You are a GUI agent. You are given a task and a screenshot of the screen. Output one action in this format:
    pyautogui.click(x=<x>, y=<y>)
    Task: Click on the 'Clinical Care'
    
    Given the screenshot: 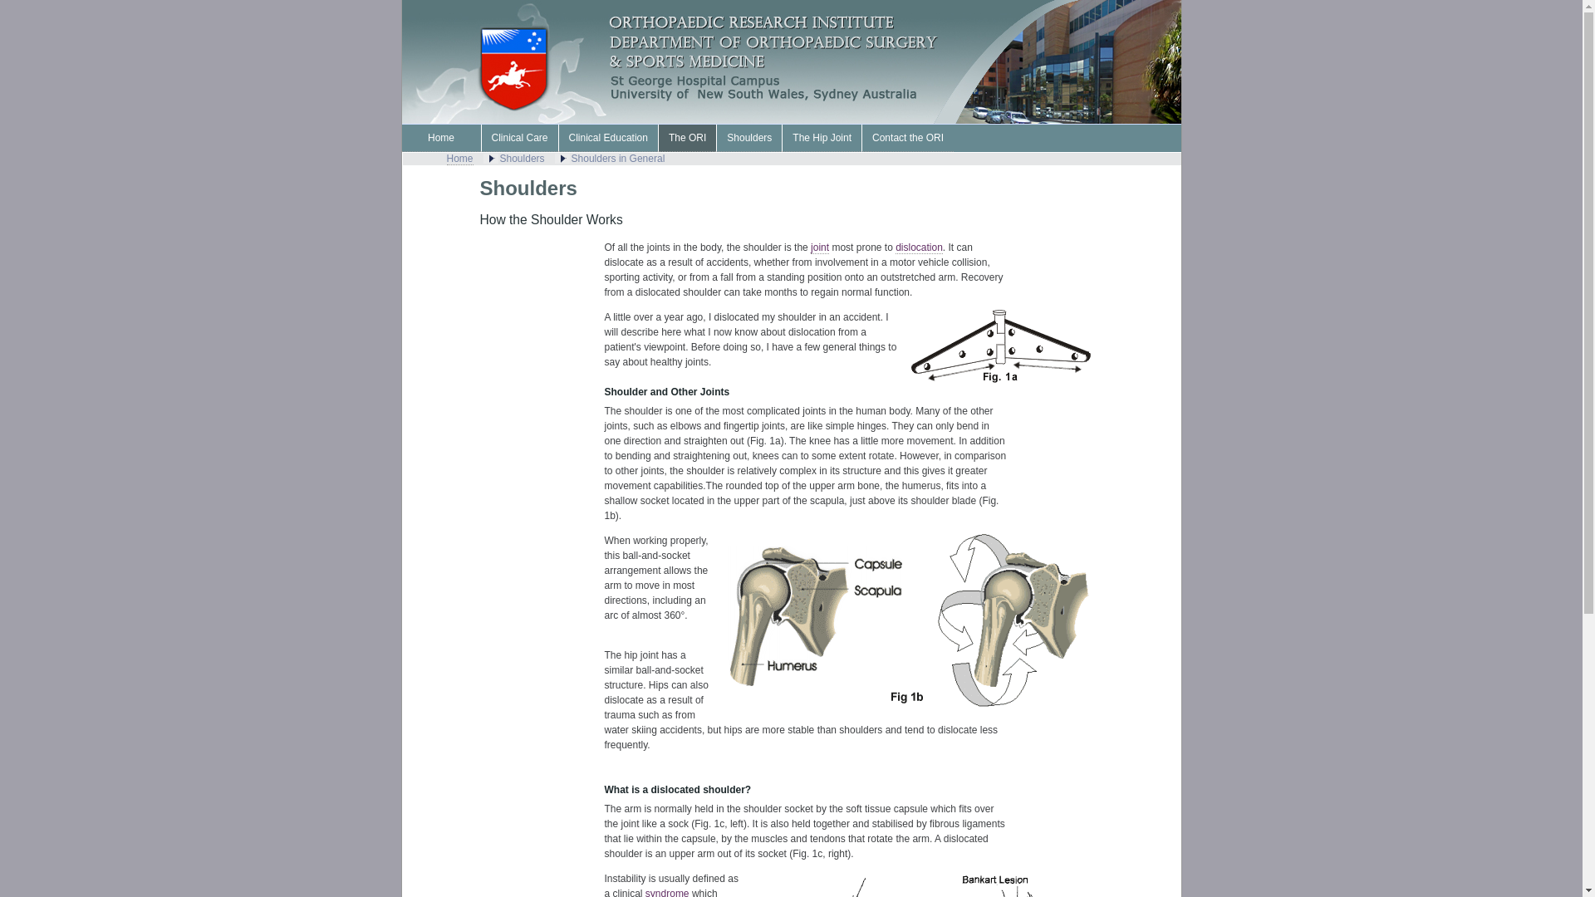 What is the action you would take?
    pyautogui.click(x=518, y=137)
    